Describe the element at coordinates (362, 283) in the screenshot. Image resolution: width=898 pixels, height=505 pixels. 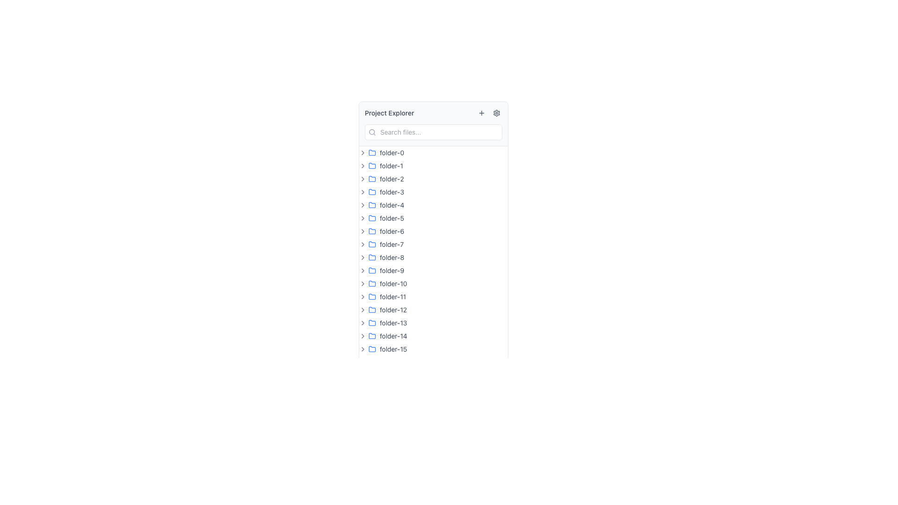
I see `the expand/collapse icon shaped like a right-angle chevron pointing to the right, which is located beside the text 'folder-10' in the project explorer` at that location.